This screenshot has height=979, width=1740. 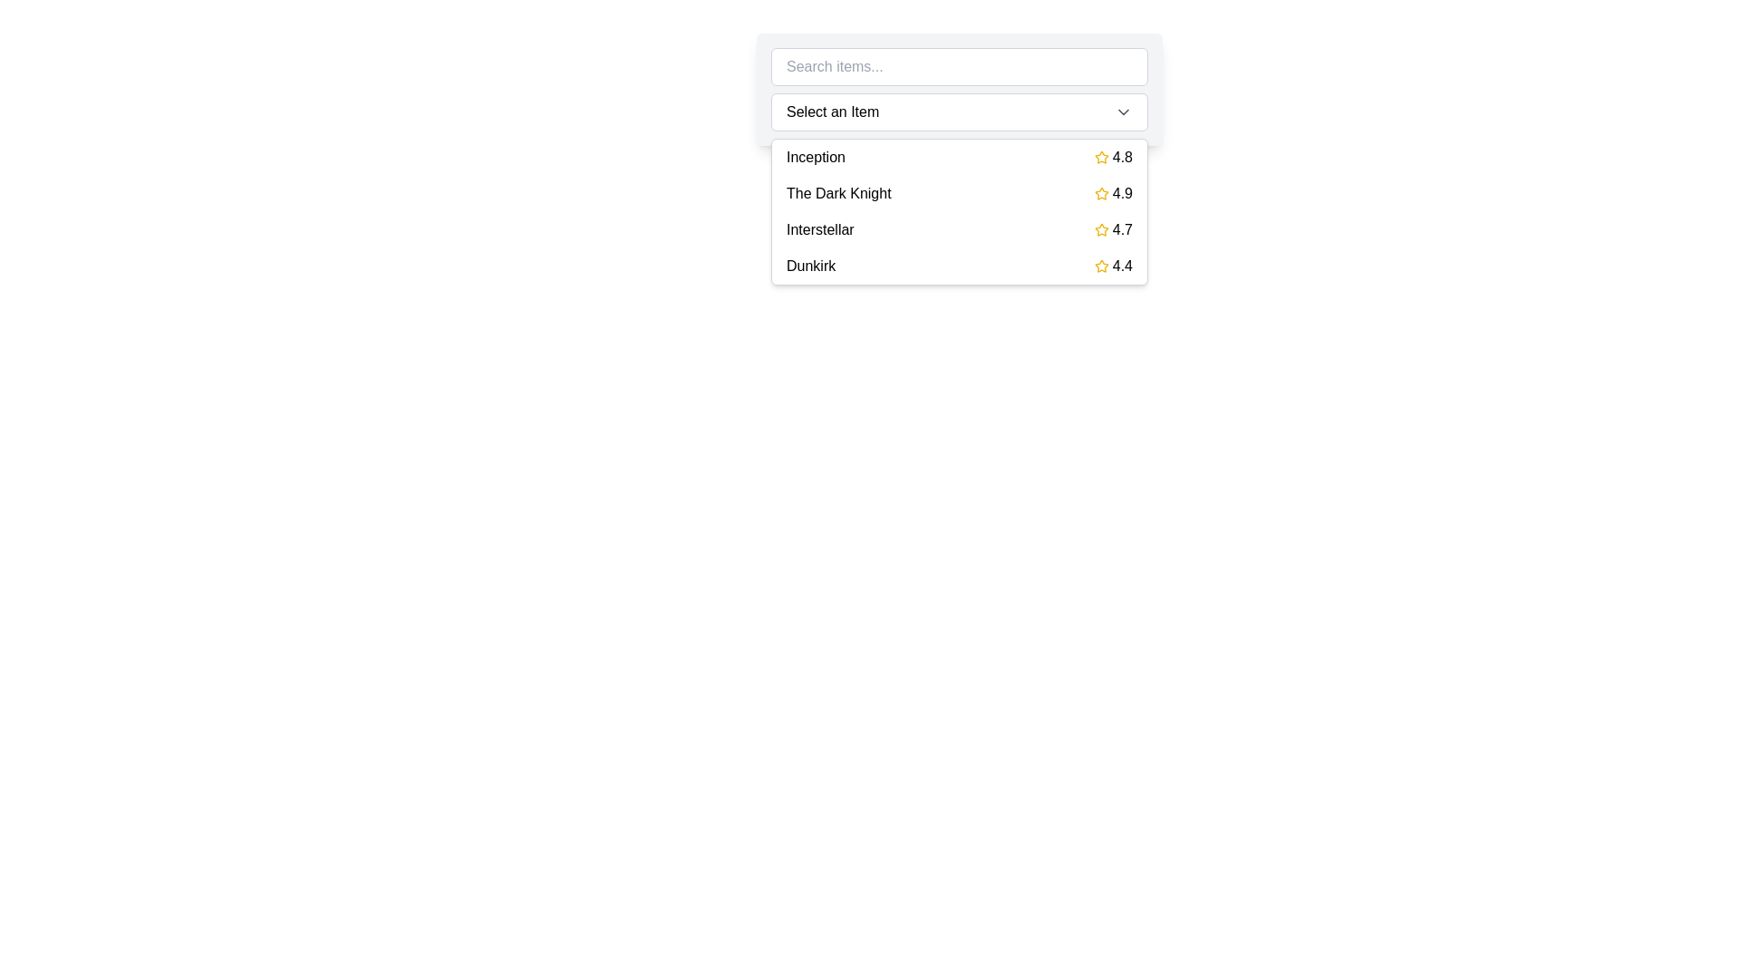 What do you see at coordinates (959, 266) in the screenshot?
I see `the fourth list item in the dropdown menu that displays information about the movie 'Dunkirk'` at bounding box center [959, 266].